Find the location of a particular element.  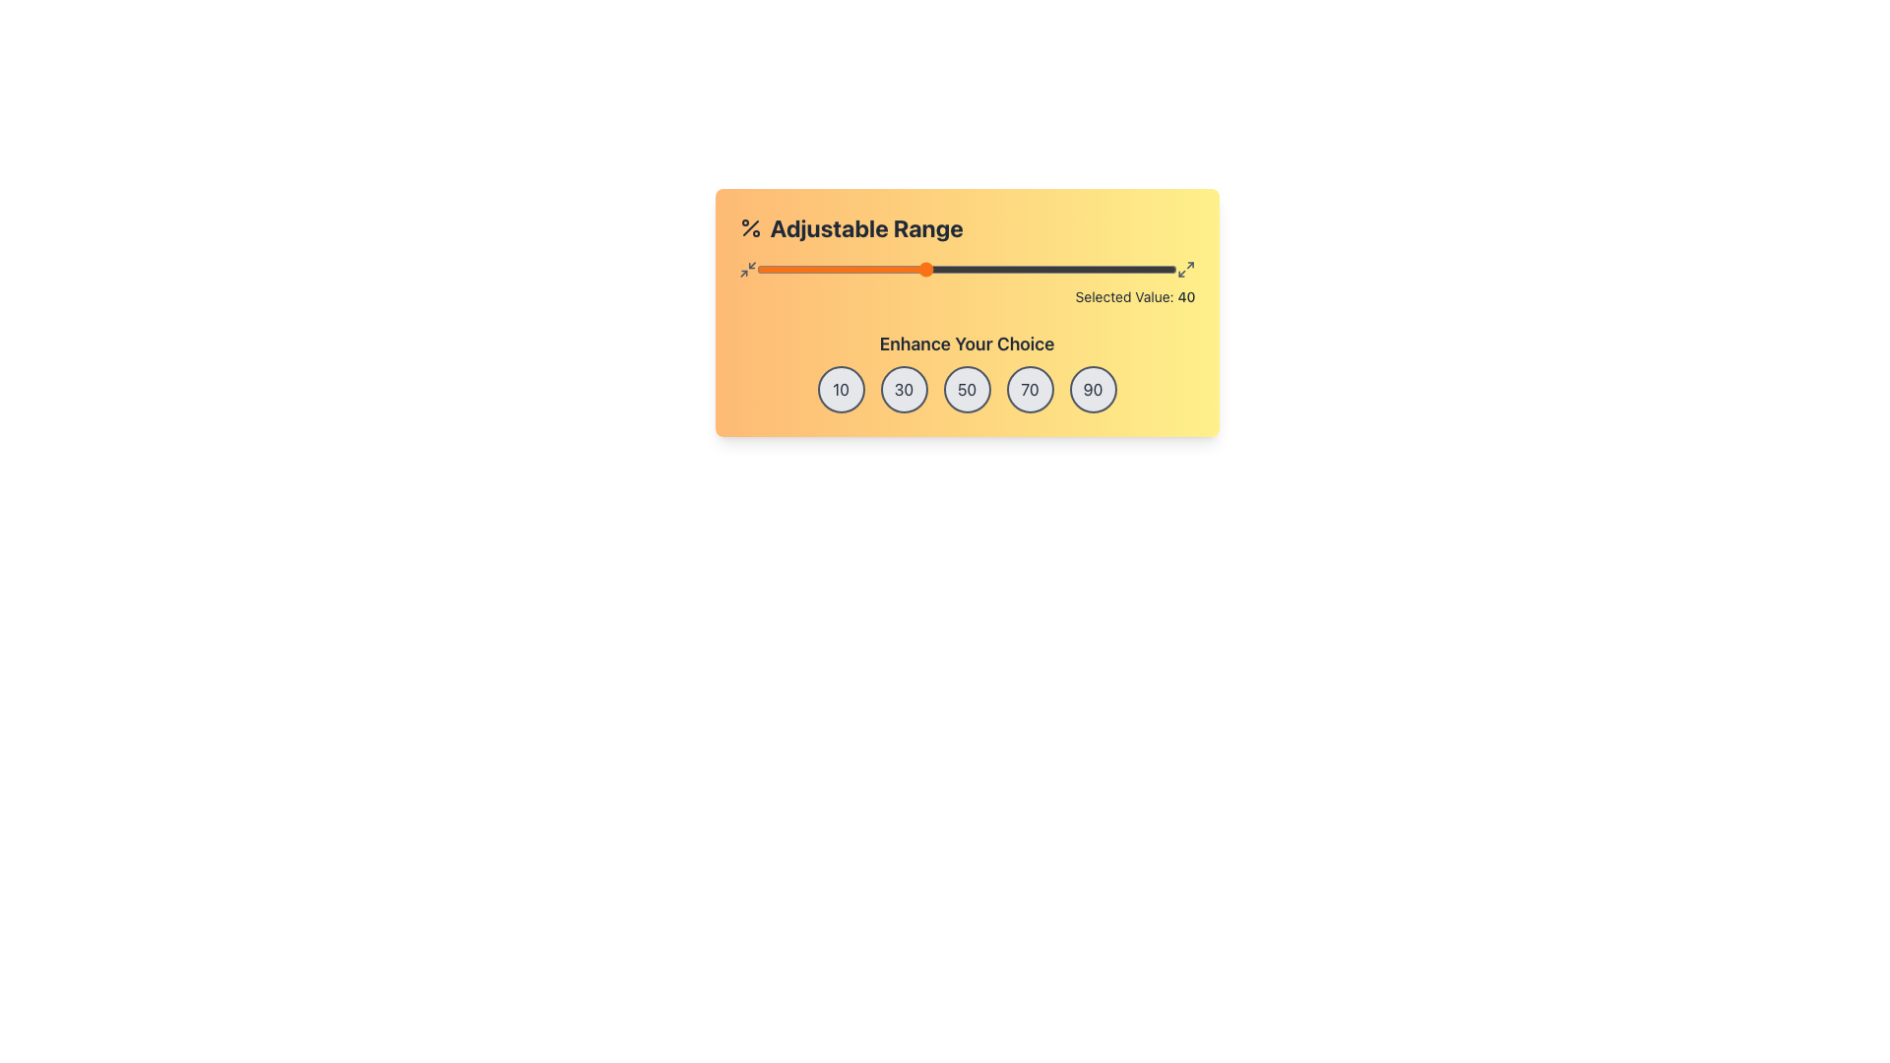

the circular button labeled '90' with a grey background and darker grey border, positioned at the far right of the button group in the 'Enhance Your Choice' panel for keyboard interaction is located at coordinates (1092, 390).